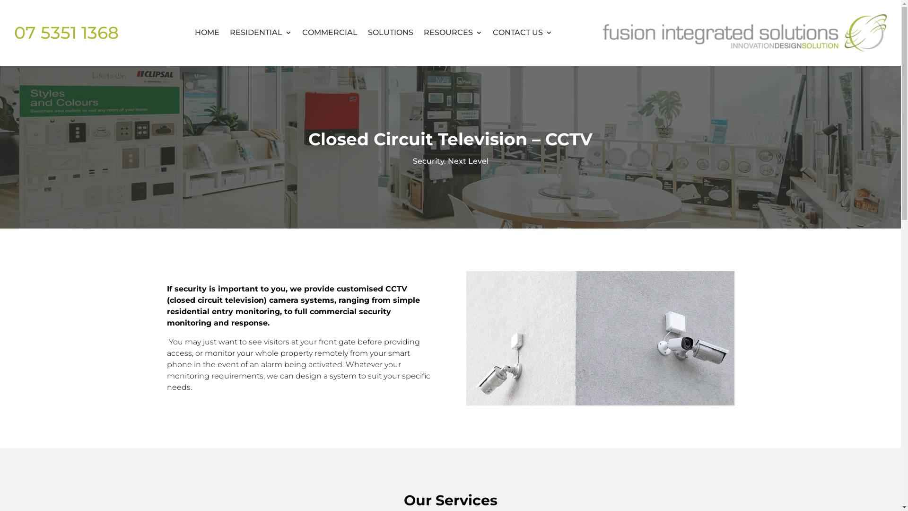 Image resolution: width=908 pixels, height=511 pixels. I want to click on 'CONTACT US', so click(522, 32).